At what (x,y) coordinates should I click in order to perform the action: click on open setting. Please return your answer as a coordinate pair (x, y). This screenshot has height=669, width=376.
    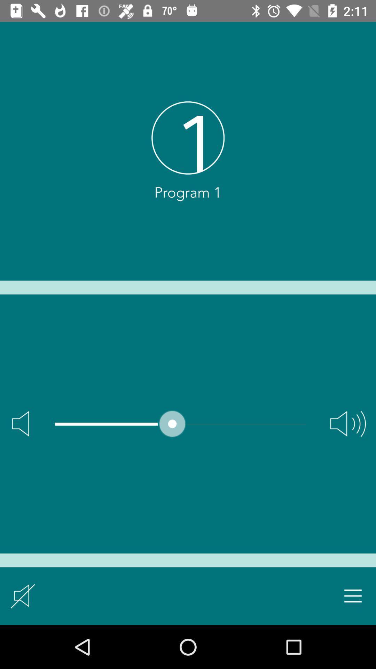
    Looking at the image, I should click on (353, 595).